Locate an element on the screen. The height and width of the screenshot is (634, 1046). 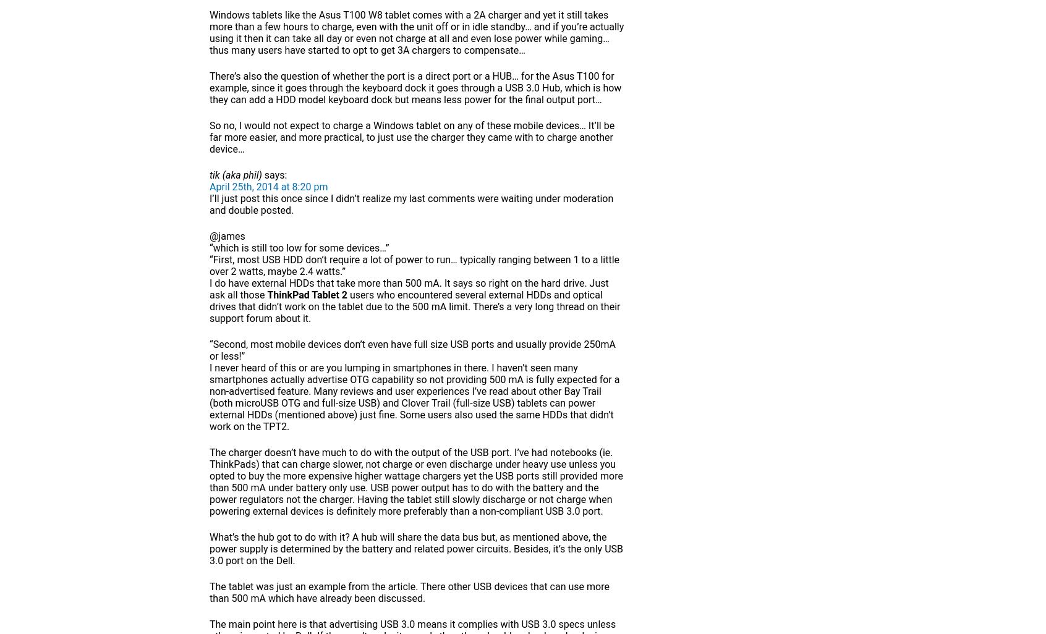
'The charger doesn’t have much to do with the output of the USB port. I’ve had notebooks (ie. ThinkPads) that can charge slower, not charge or even discharge under heavy use unless you opted to buy the more expensive higher wattage chargers yet the USB ports still provided more than 500 mA under battery only use. USB power output has to do with the battery and the power regulators not the charger. Having the tablet still slowly discharge or not charge when powering external devices is definitely more preferably than a non-compliant USB 3.0 port.' is located at coordinates (416, 481).